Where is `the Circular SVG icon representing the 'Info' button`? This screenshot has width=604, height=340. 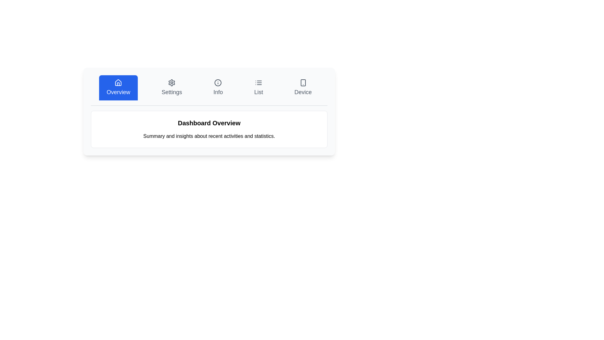
the Circular SVG icon representing the 'Info' button is located at coordinates (218, 82).